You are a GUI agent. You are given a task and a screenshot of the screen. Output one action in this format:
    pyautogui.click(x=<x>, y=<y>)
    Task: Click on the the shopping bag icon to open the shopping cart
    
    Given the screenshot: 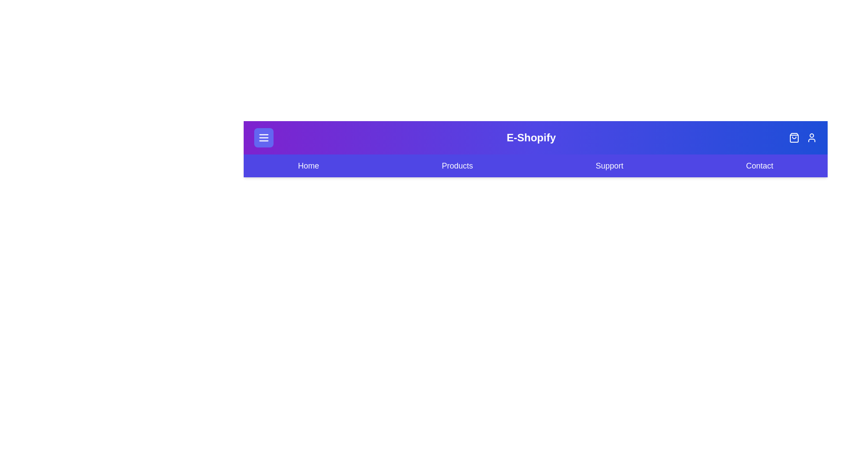 What is the action you would take?
    pyautogui.click(x=794, y=137)
    